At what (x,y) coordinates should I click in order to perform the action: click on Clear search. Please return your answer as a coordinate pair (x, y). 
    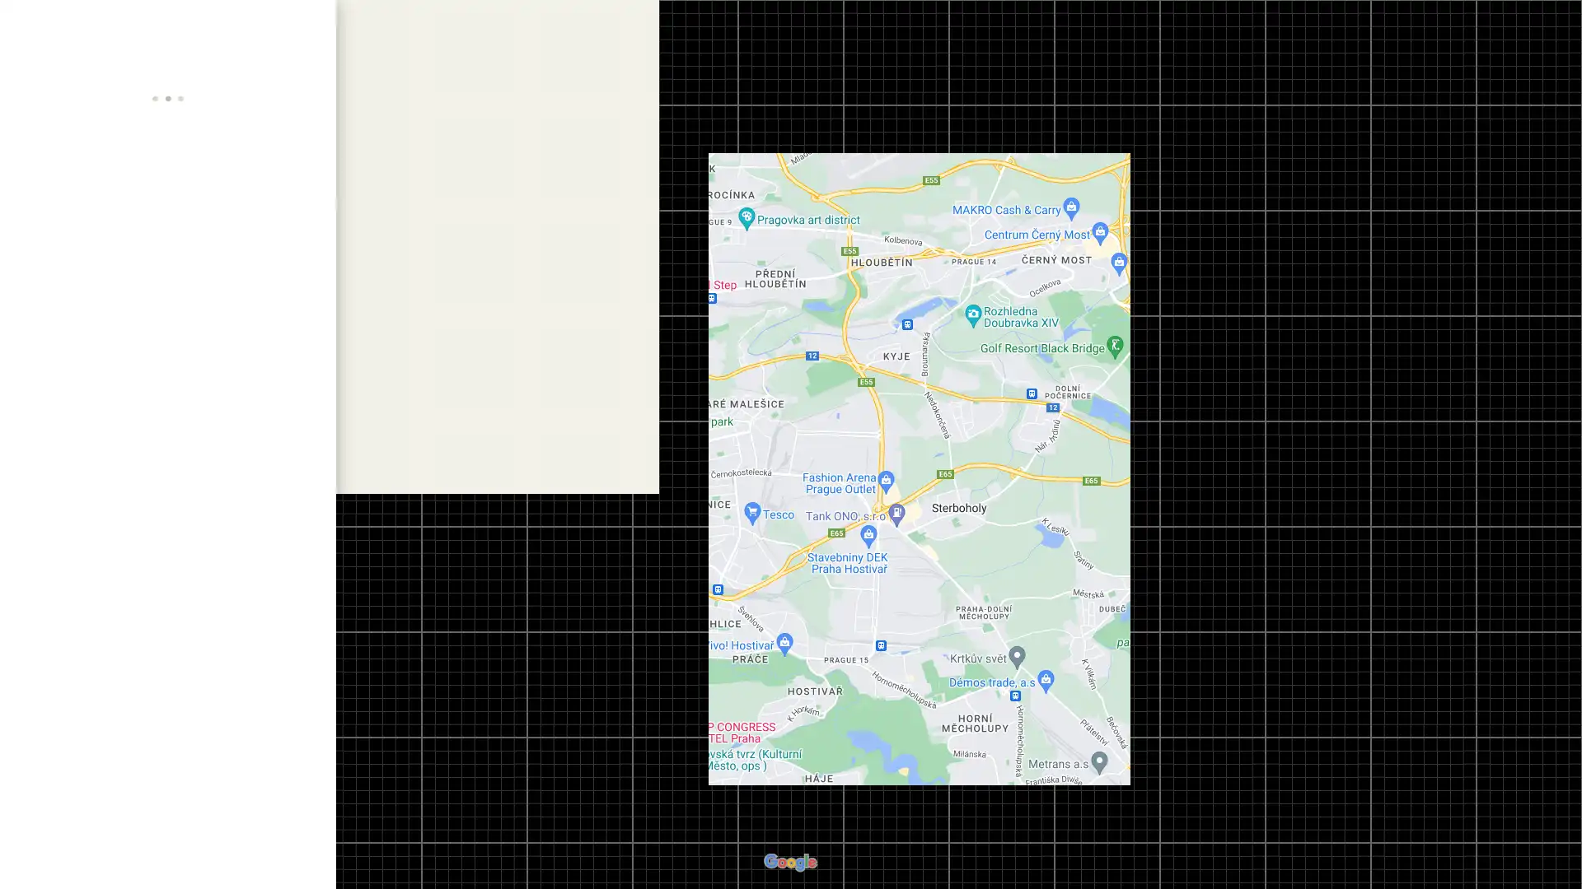
    Looking at the image, I should click on (307, 26).